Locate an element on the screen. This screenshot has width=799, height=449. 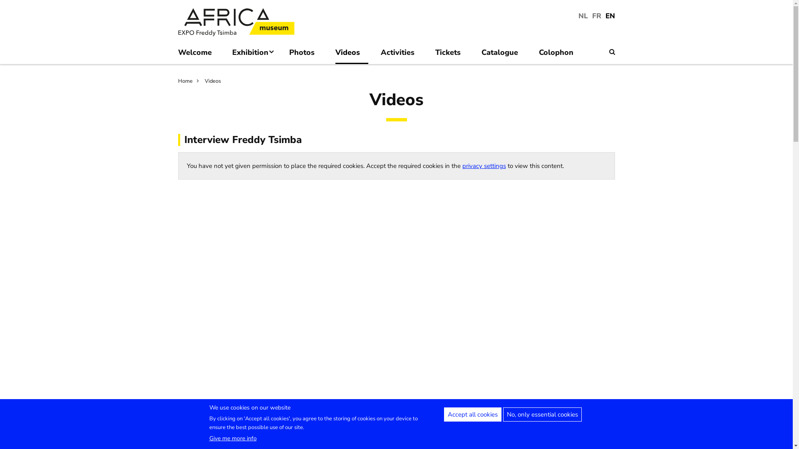
'Catalogue' is located at coordinates (503, 54).